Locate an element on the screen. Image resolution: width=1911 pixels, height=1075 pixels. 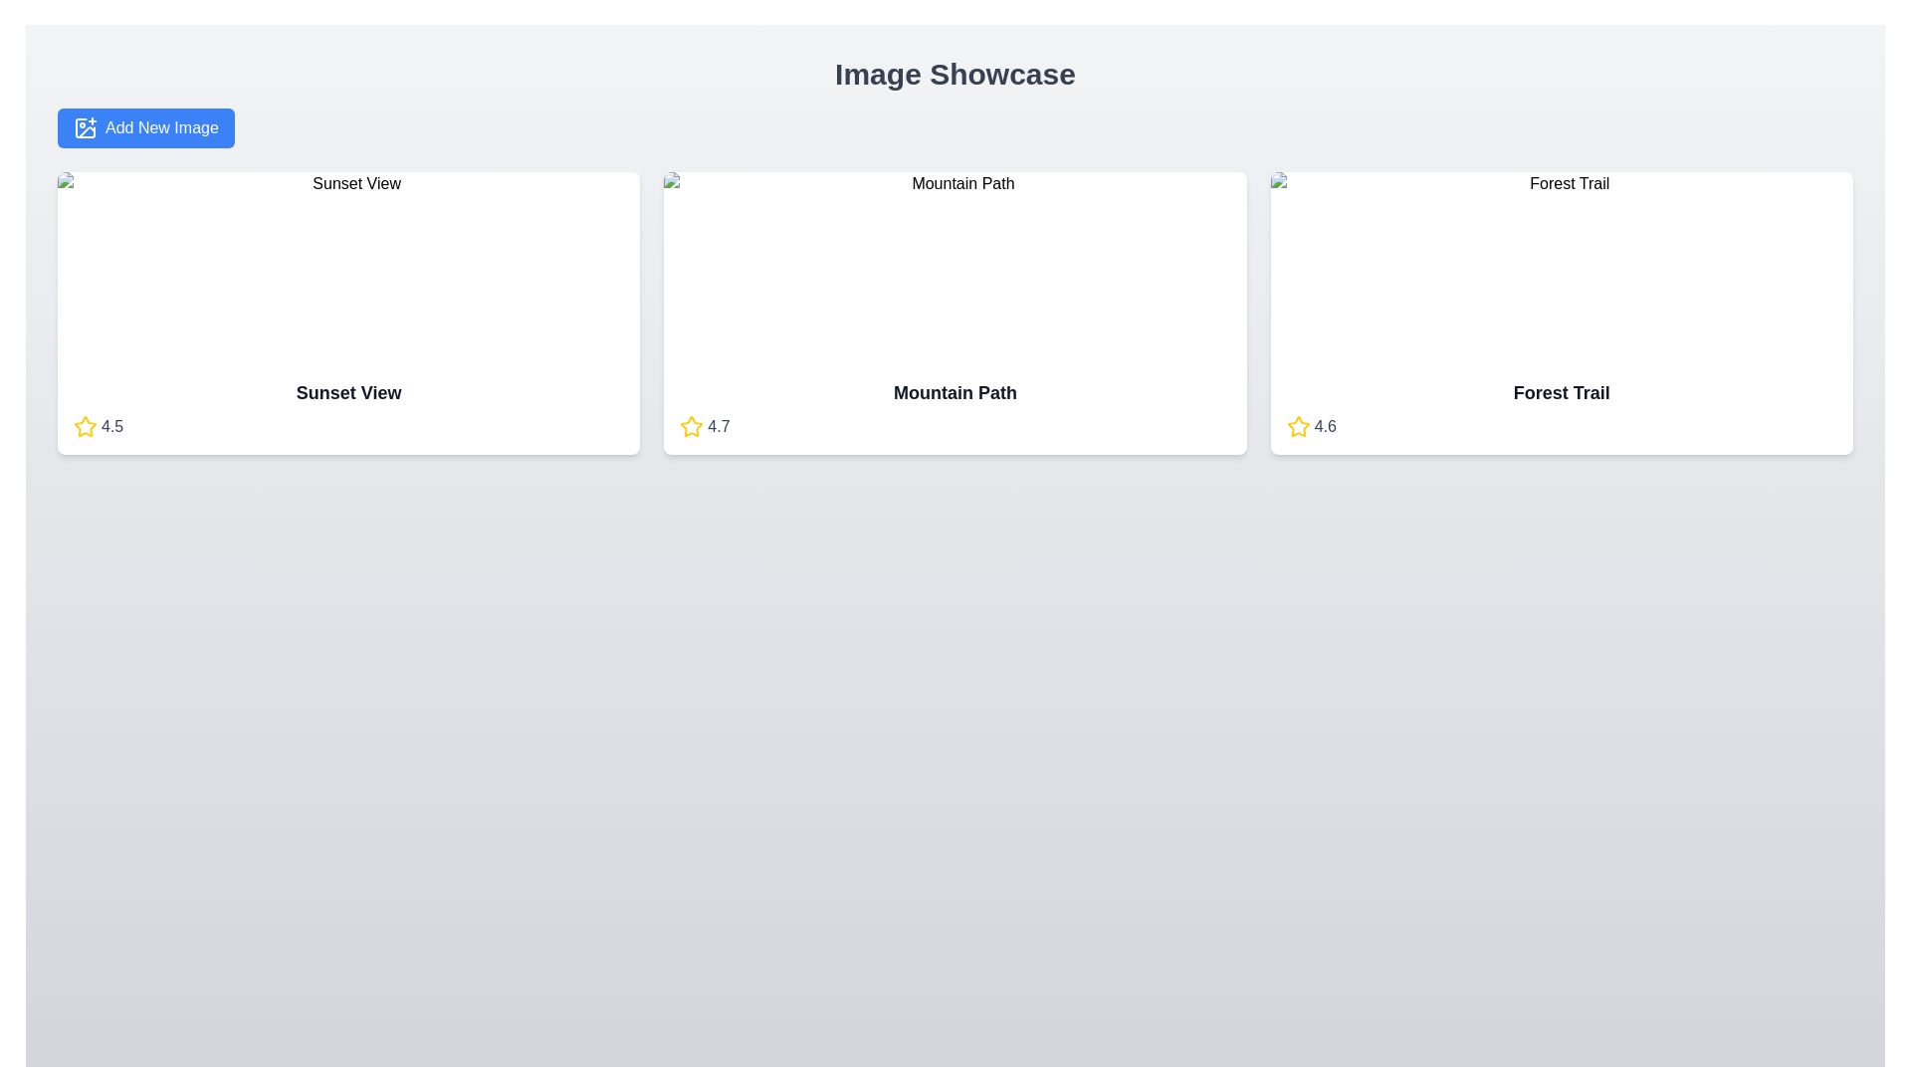
the 'Forest Trail' text label, which is displayed in bold and large font with a grayish-black color, located in the third card of the rightmost column is located at coordinates (1561, 392).